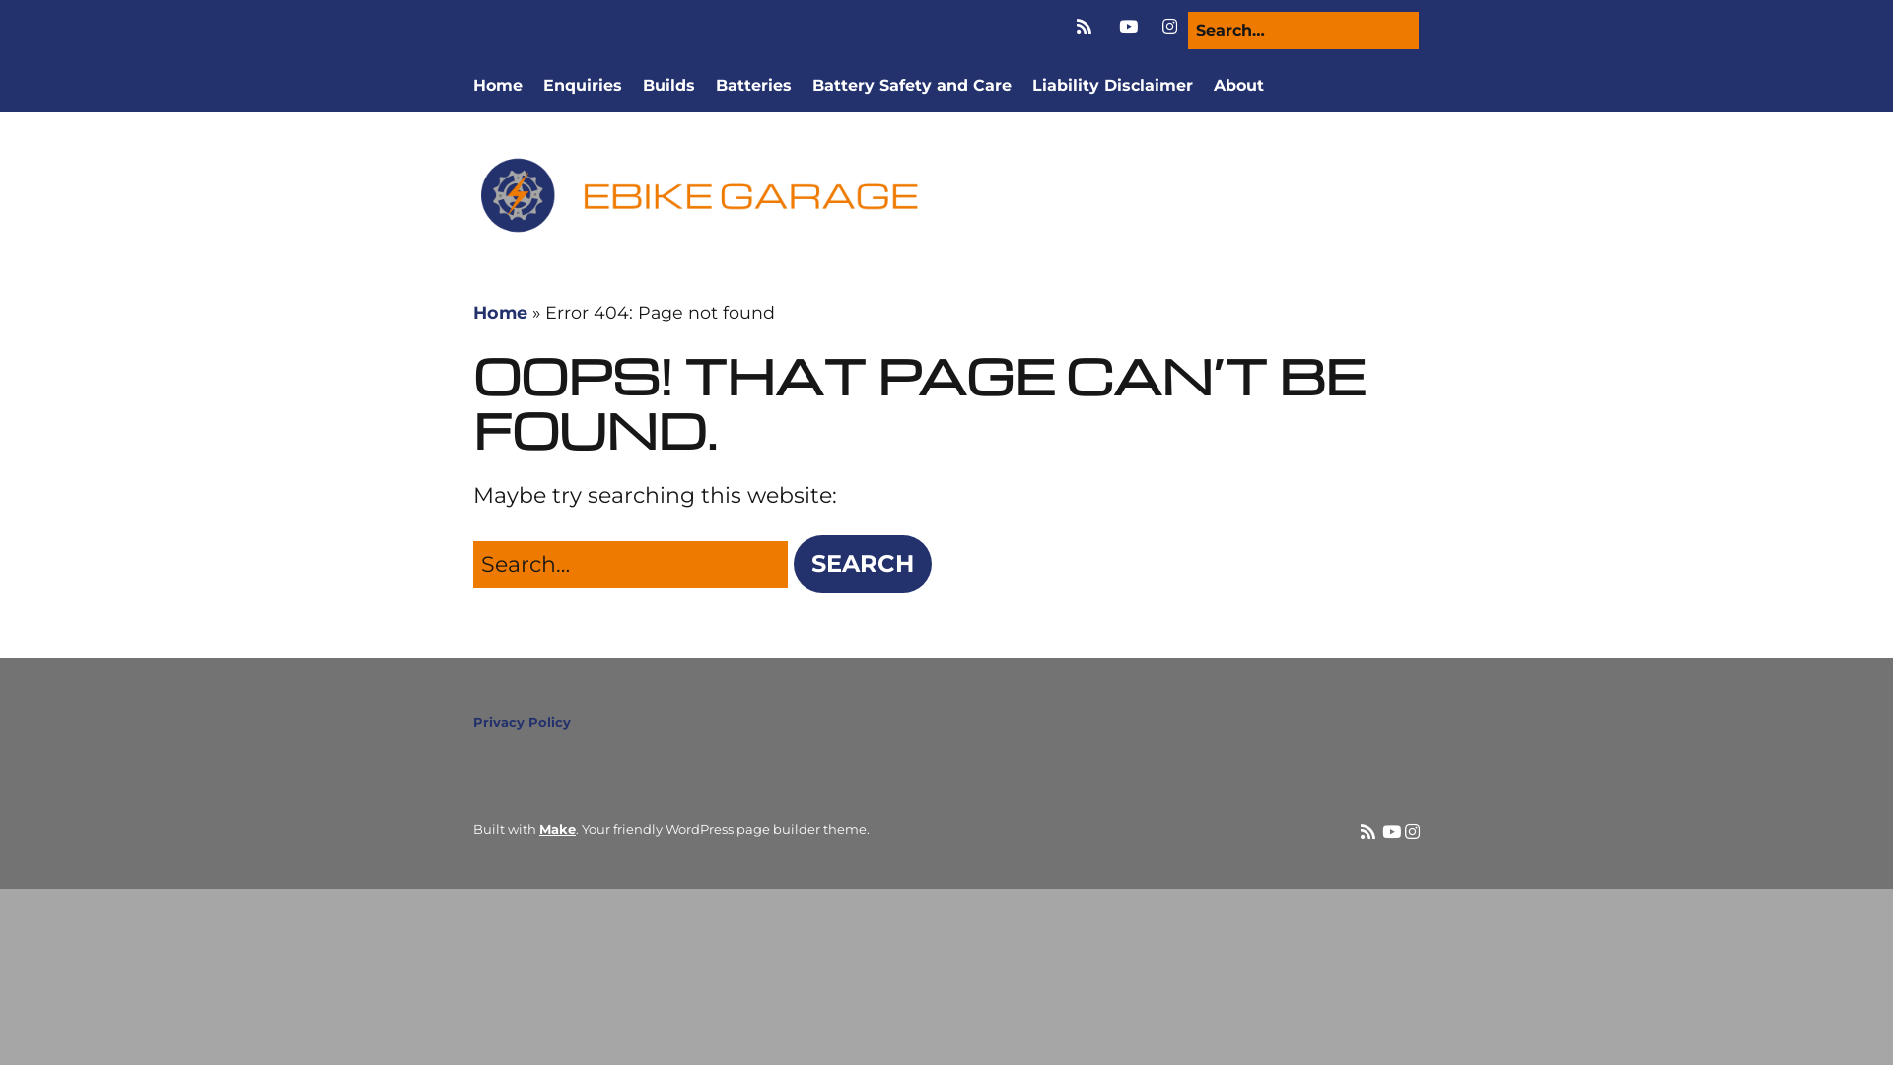 The width and height of the screenshot is (1893, 1065). I want to click on 'Press Enter to submit your search', so click(1302, 30).